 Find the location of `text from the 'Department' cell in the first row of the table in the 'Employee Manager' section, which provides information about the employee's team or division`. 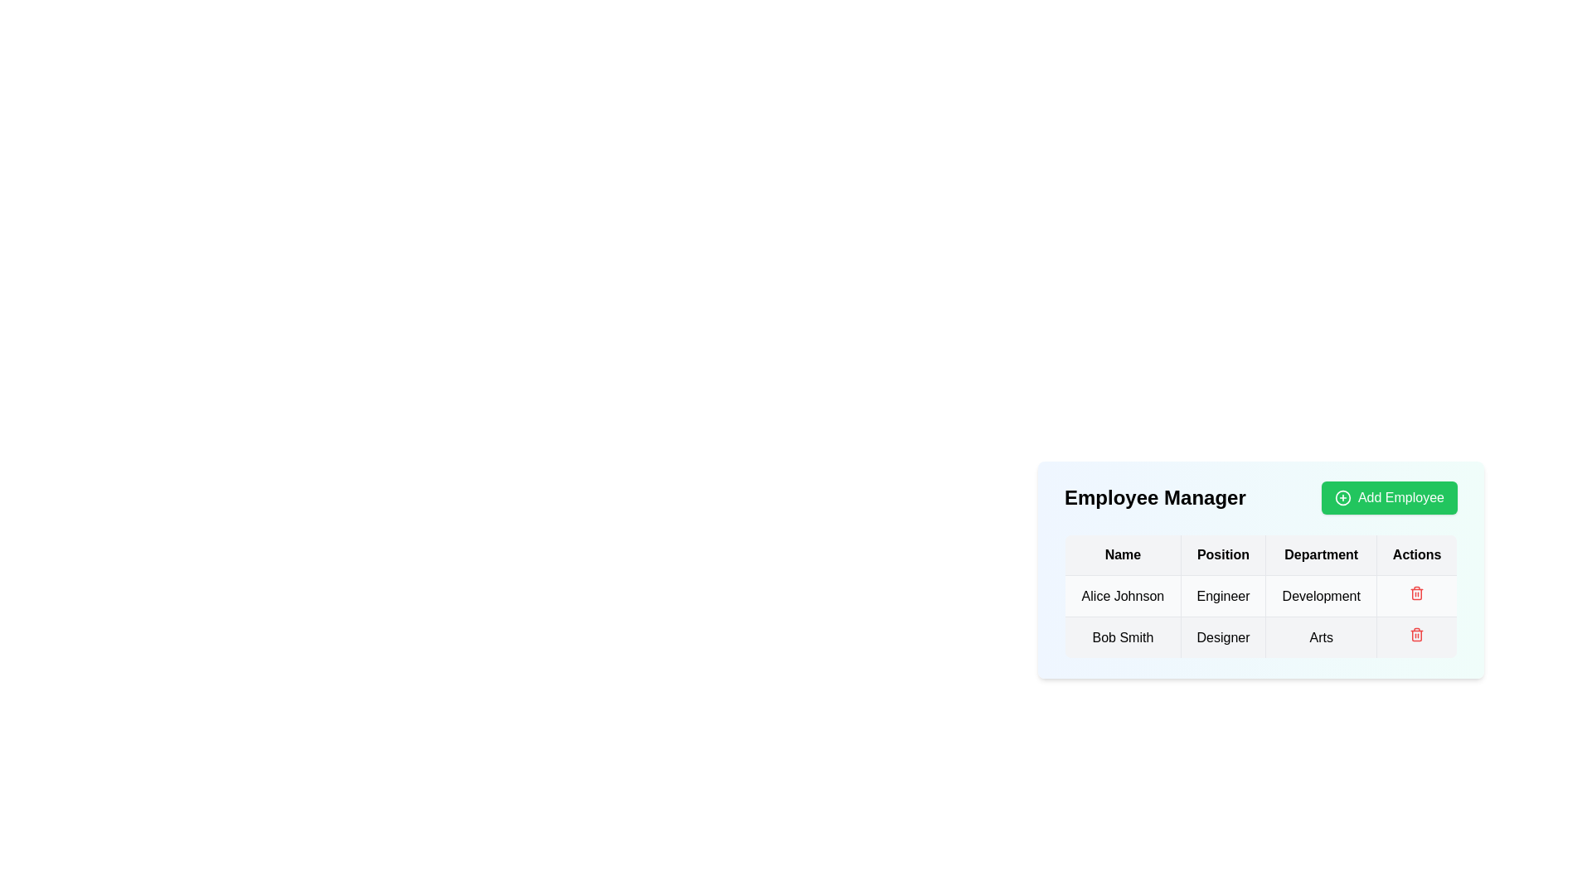

text from the 'Department' cell in the first row of the table in the 'Employee Manager' section, which provides information about the employee's team or division is located at coordinates (1320, 595).